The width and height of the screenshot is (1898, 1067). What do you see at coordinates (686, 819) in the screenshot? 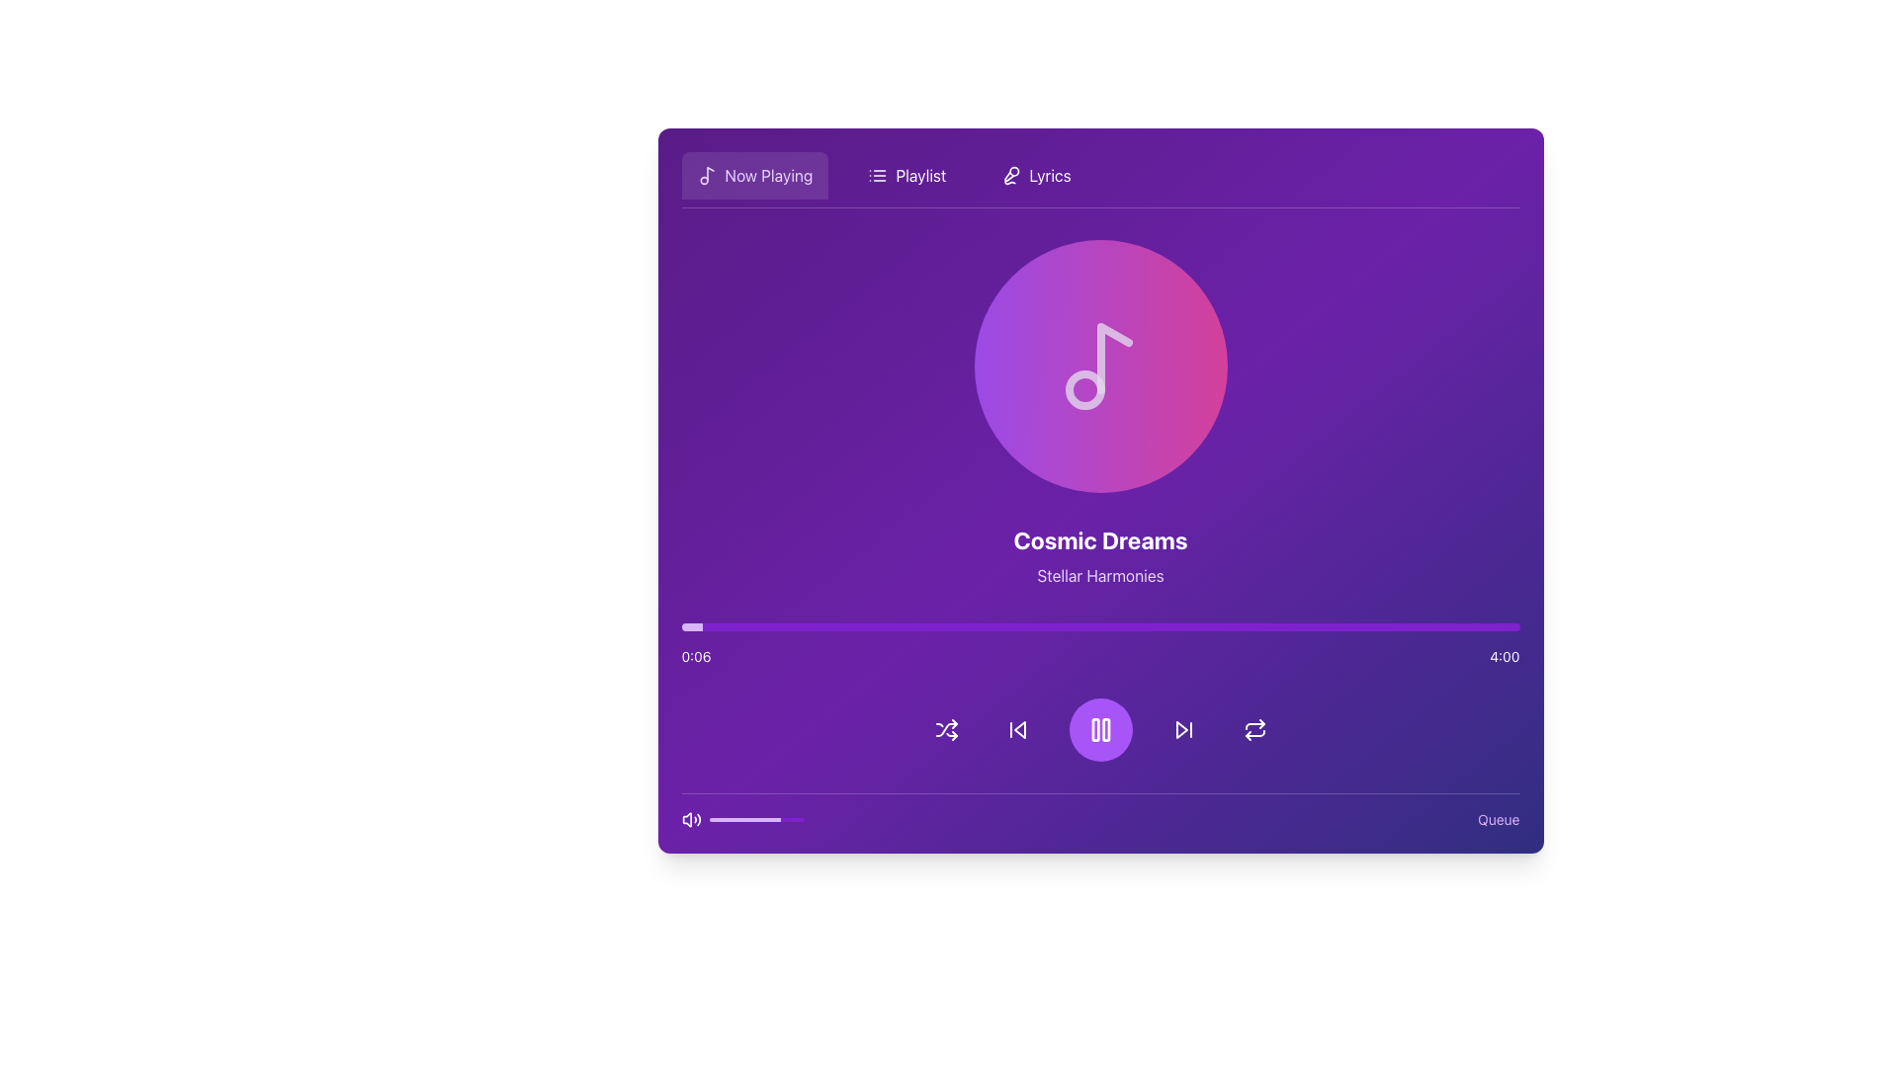
I see `the volume icon represented by the static SVG component located at the bottom left of the music player interface` at bounding box center [686, 819].